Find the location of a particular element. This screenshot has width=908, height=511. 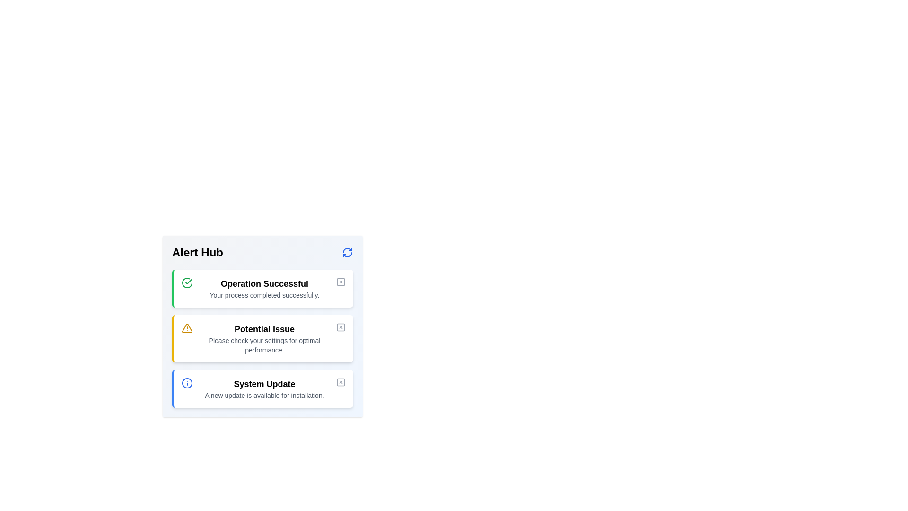

the text block element that displays the title 'Potential Issue' followed by the description 'Please check your settings for optimal performance.' is located at coordinates (264, 338).